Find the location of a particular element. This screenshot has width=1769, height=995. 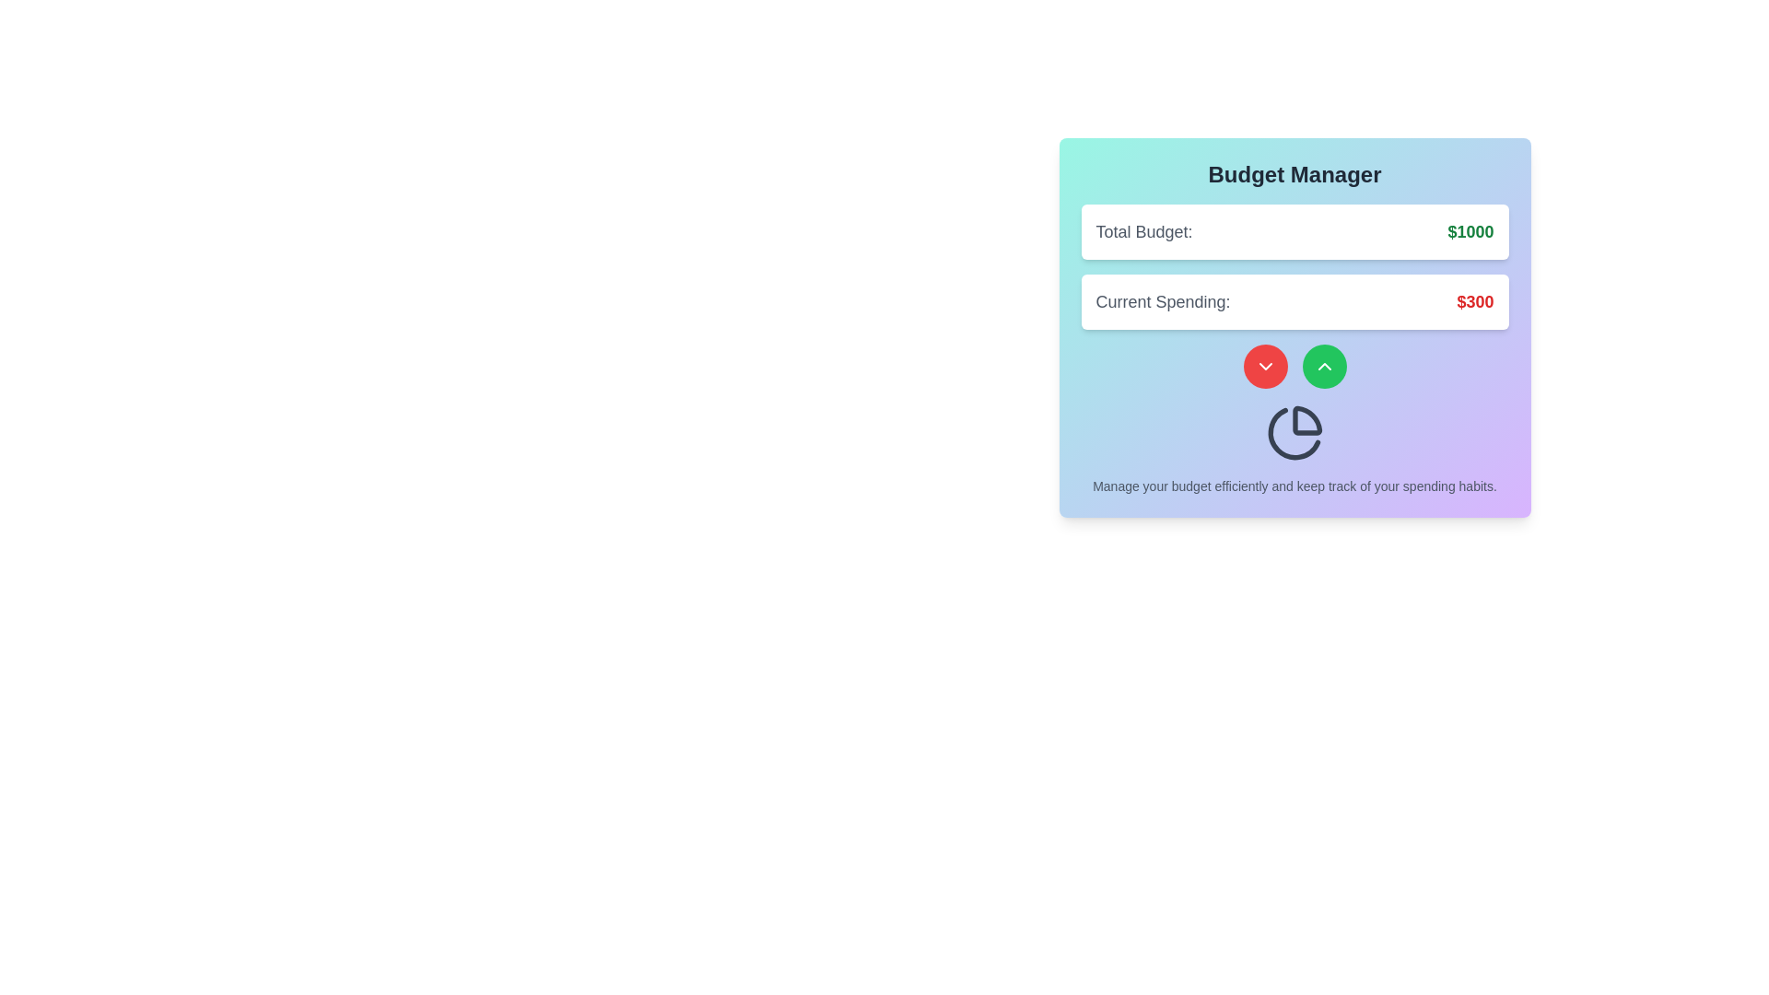

the buttons within the 'Budget Manager' section, positioned below 'Current Spending' and above the pie chart icon is located at coordinates (1294, 366).